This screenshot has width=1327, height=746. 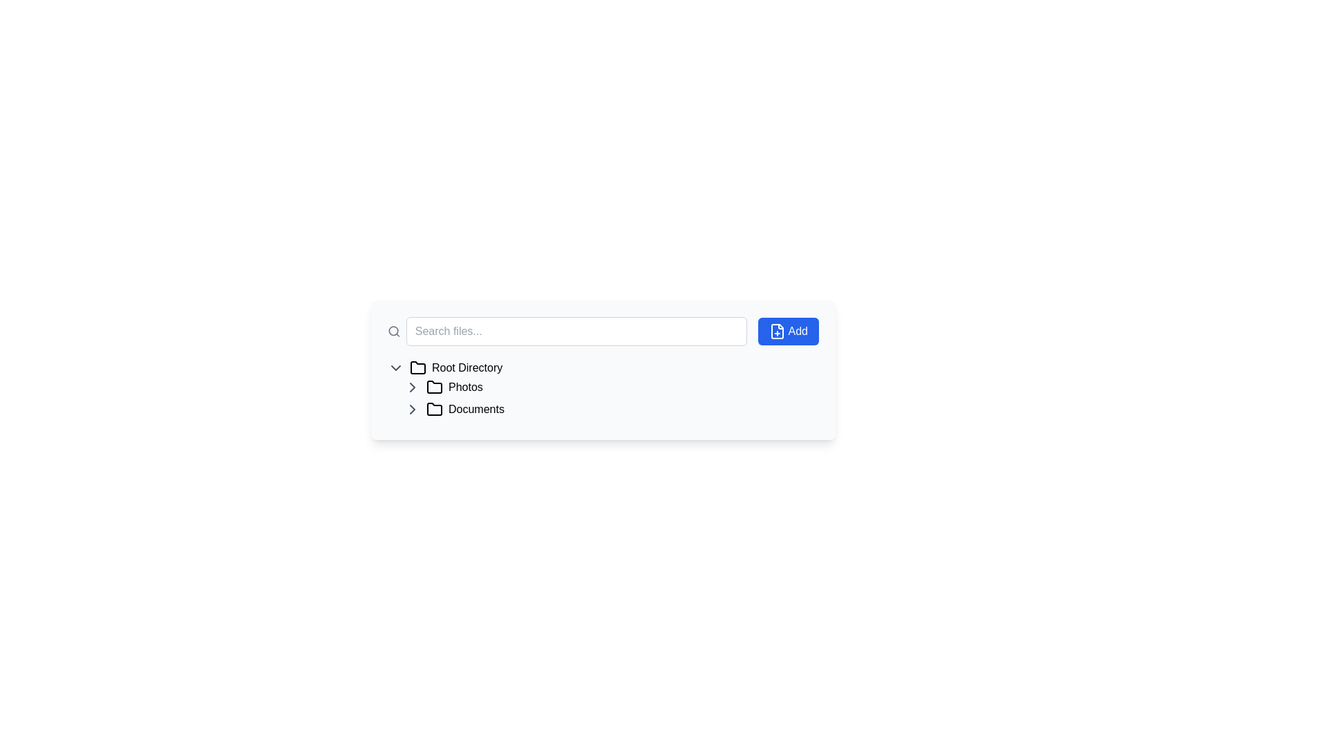 I want to click on the 'Add' icon located within the button labeled 'Add' in the top-right corner of the file management interface, so click(x=777, y=331).